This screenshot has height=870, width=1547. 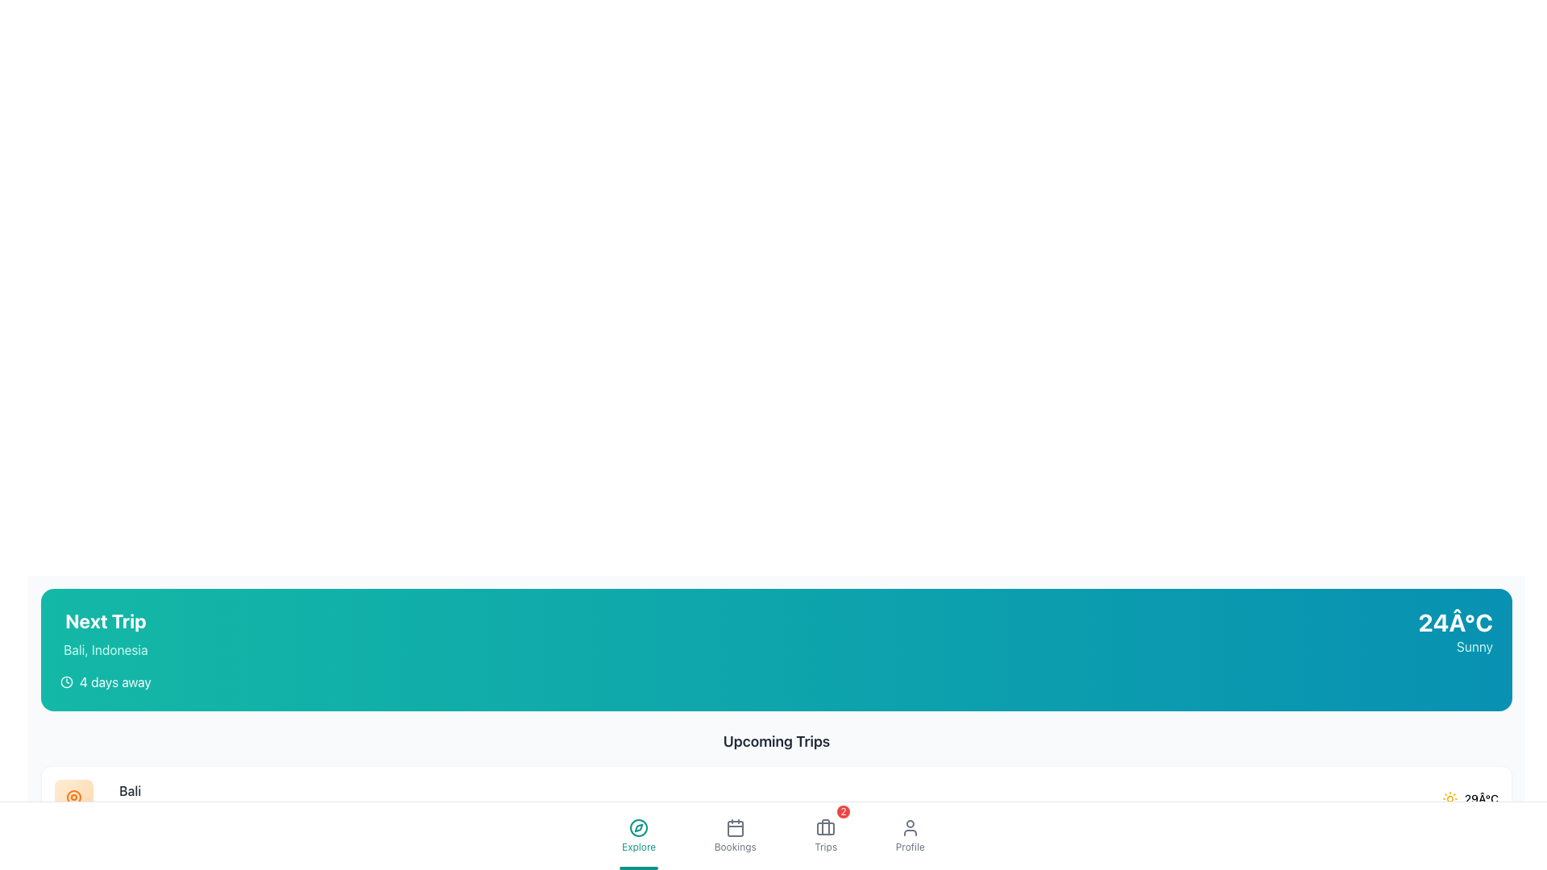 What do you see at coordinates (130, 798) in the screenshot?
I see `the text label indicating the destination associated with a trip entry under the 'Upcoming Trips' section for more information` at bounding box center [130, 798].